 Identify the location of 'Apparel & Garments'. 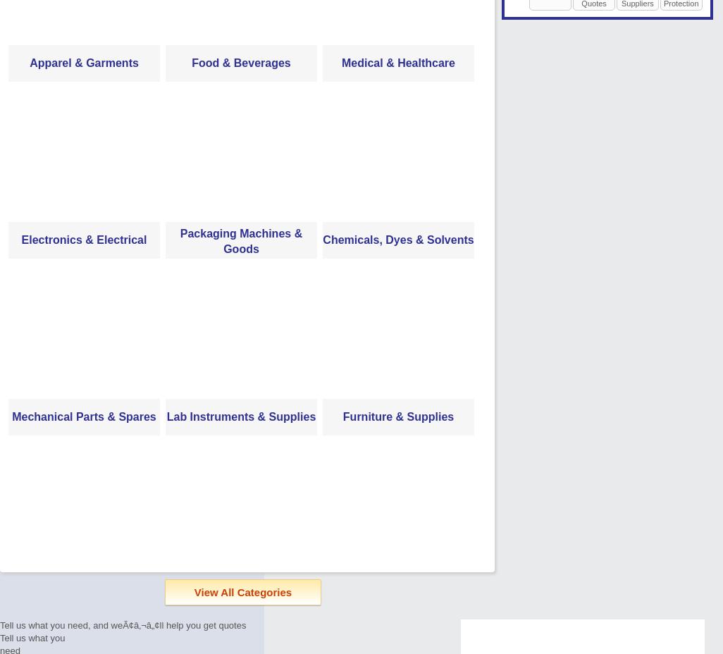
(84, 62).